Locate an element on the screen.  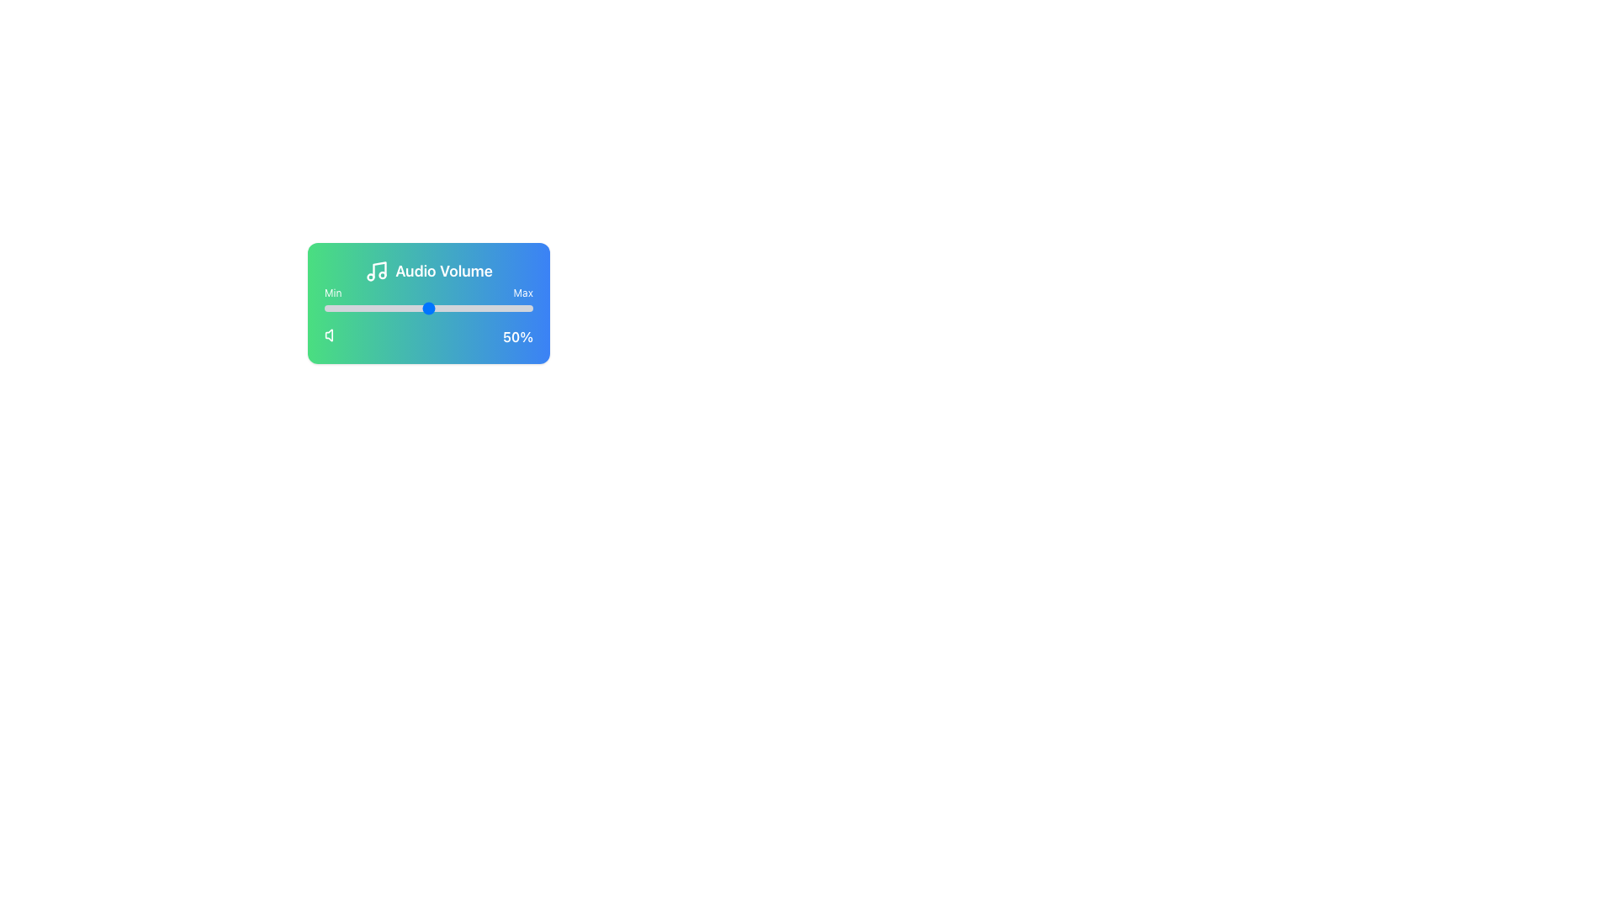
the volume is located at coordinates (472, 308).